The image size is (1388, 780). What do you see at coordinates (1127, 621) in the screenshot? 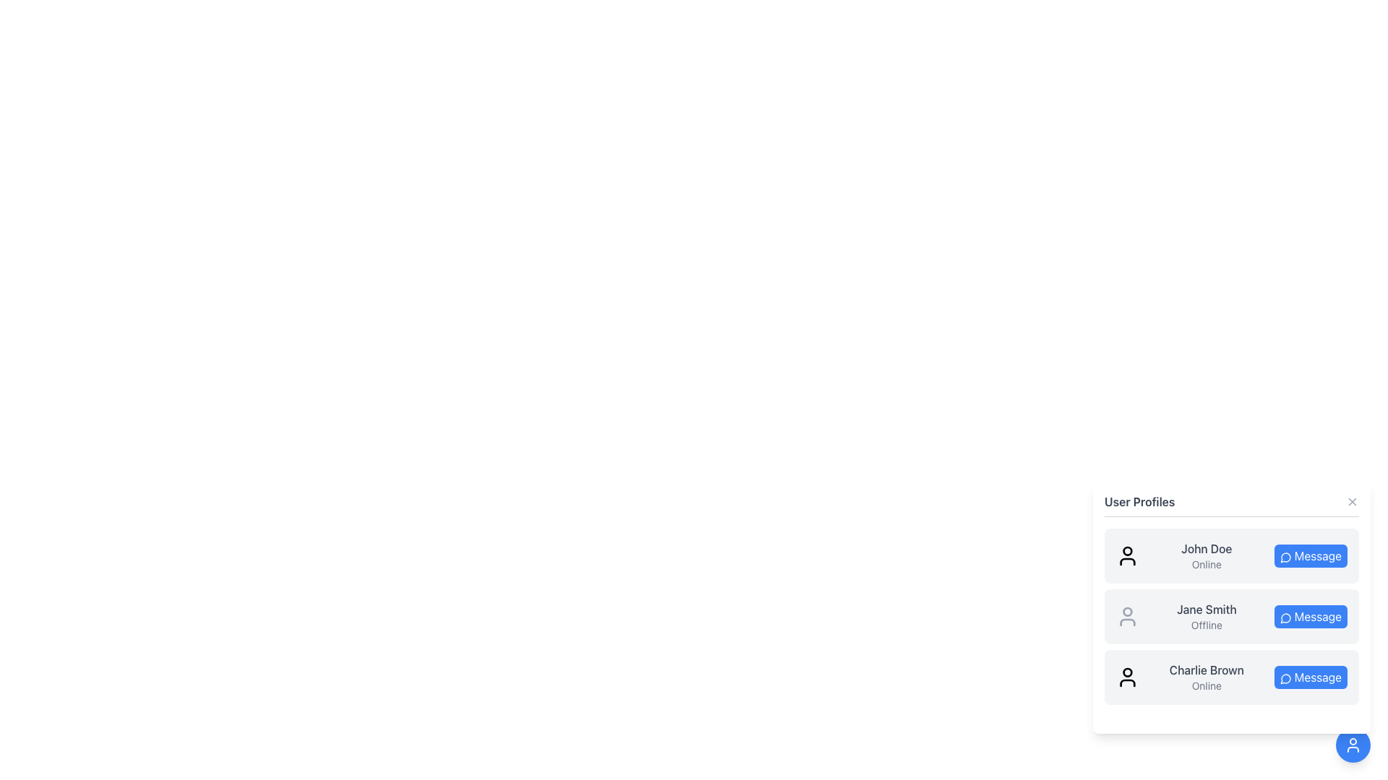
I see `the Status indicator icon for the user 'Jane Smith' located in the bottom-right corner of the 'User Profiles' panel, positioned below her user avatar` at bounding box center [1127, 621].